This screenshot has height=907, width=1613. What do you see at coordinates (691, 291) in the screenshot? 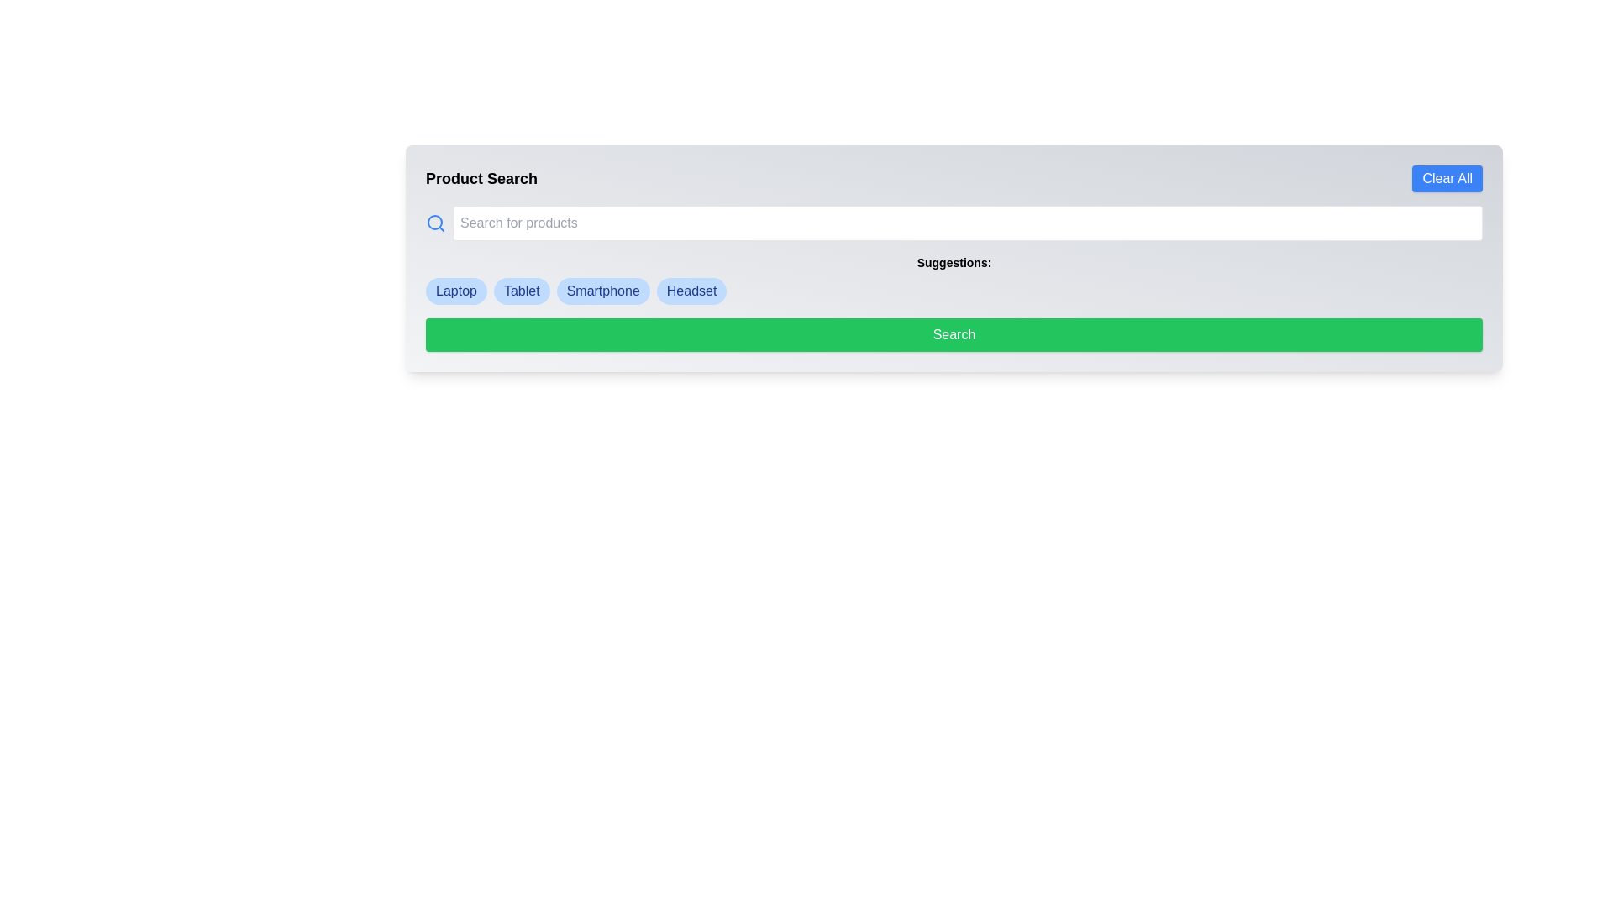
I see `the 'Headset' button-like tag, which is a rounded rectangle with a light blue background and dark blue text, located at the end of a horizontal list of similar elements` at bounding box center [691, 291].